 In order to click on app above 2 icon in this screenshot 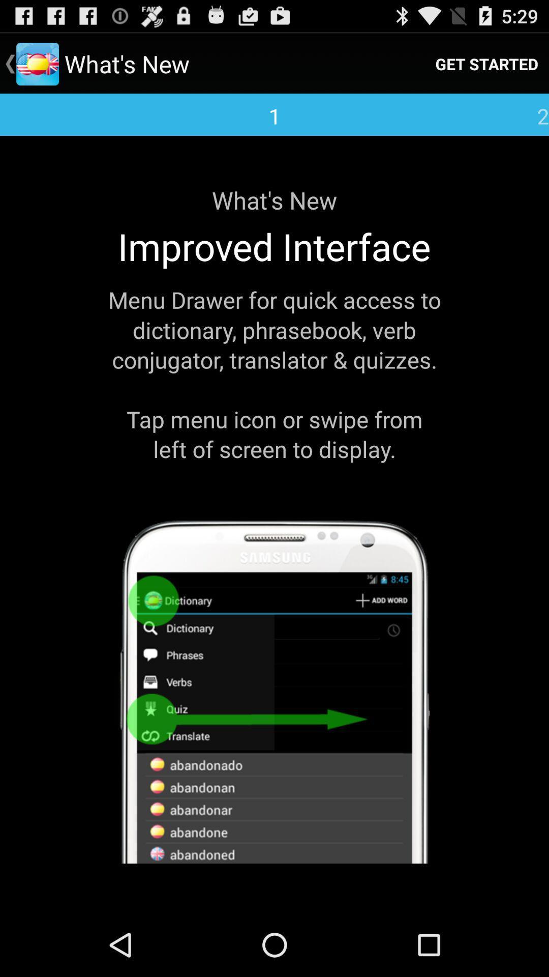, I will do `click(486, 63)`.